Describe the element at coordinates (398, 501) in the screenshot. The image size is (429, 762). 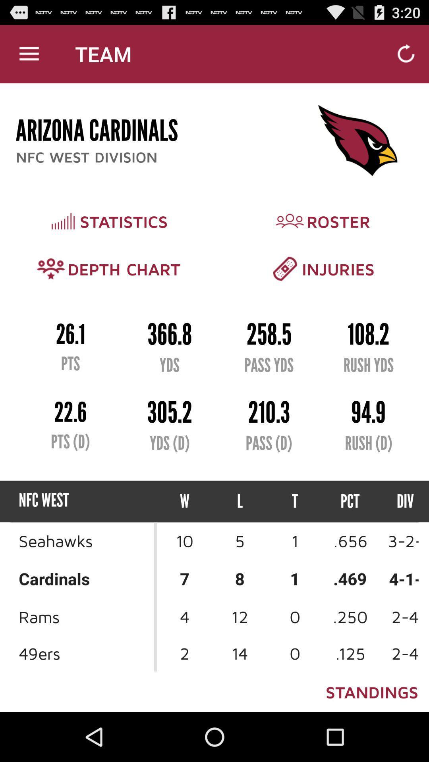
I see `item to the right of the pct icon` at that location.